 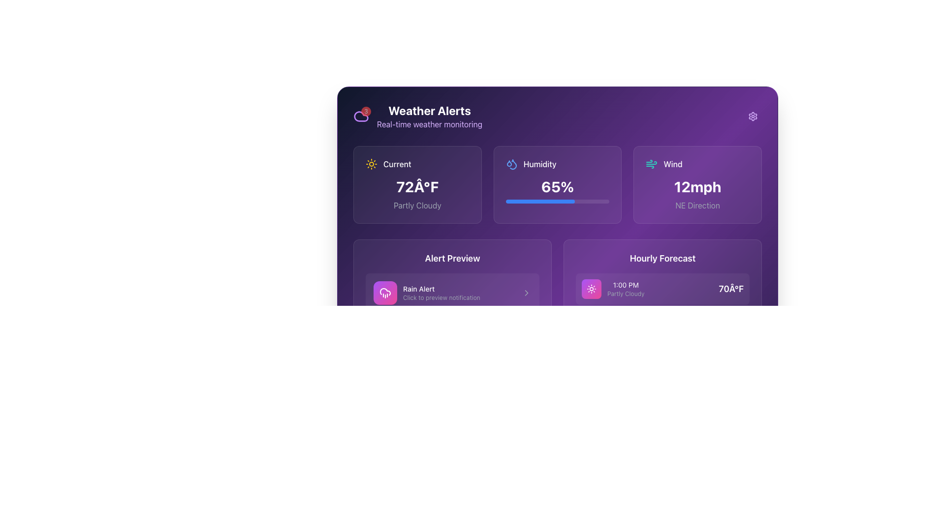 I want to click on the ProgressBar located within the 'Humidity' card of the dashboard interface, situated at the bottom part of the card, directly below the text '65%', so click(x=557, y=201).